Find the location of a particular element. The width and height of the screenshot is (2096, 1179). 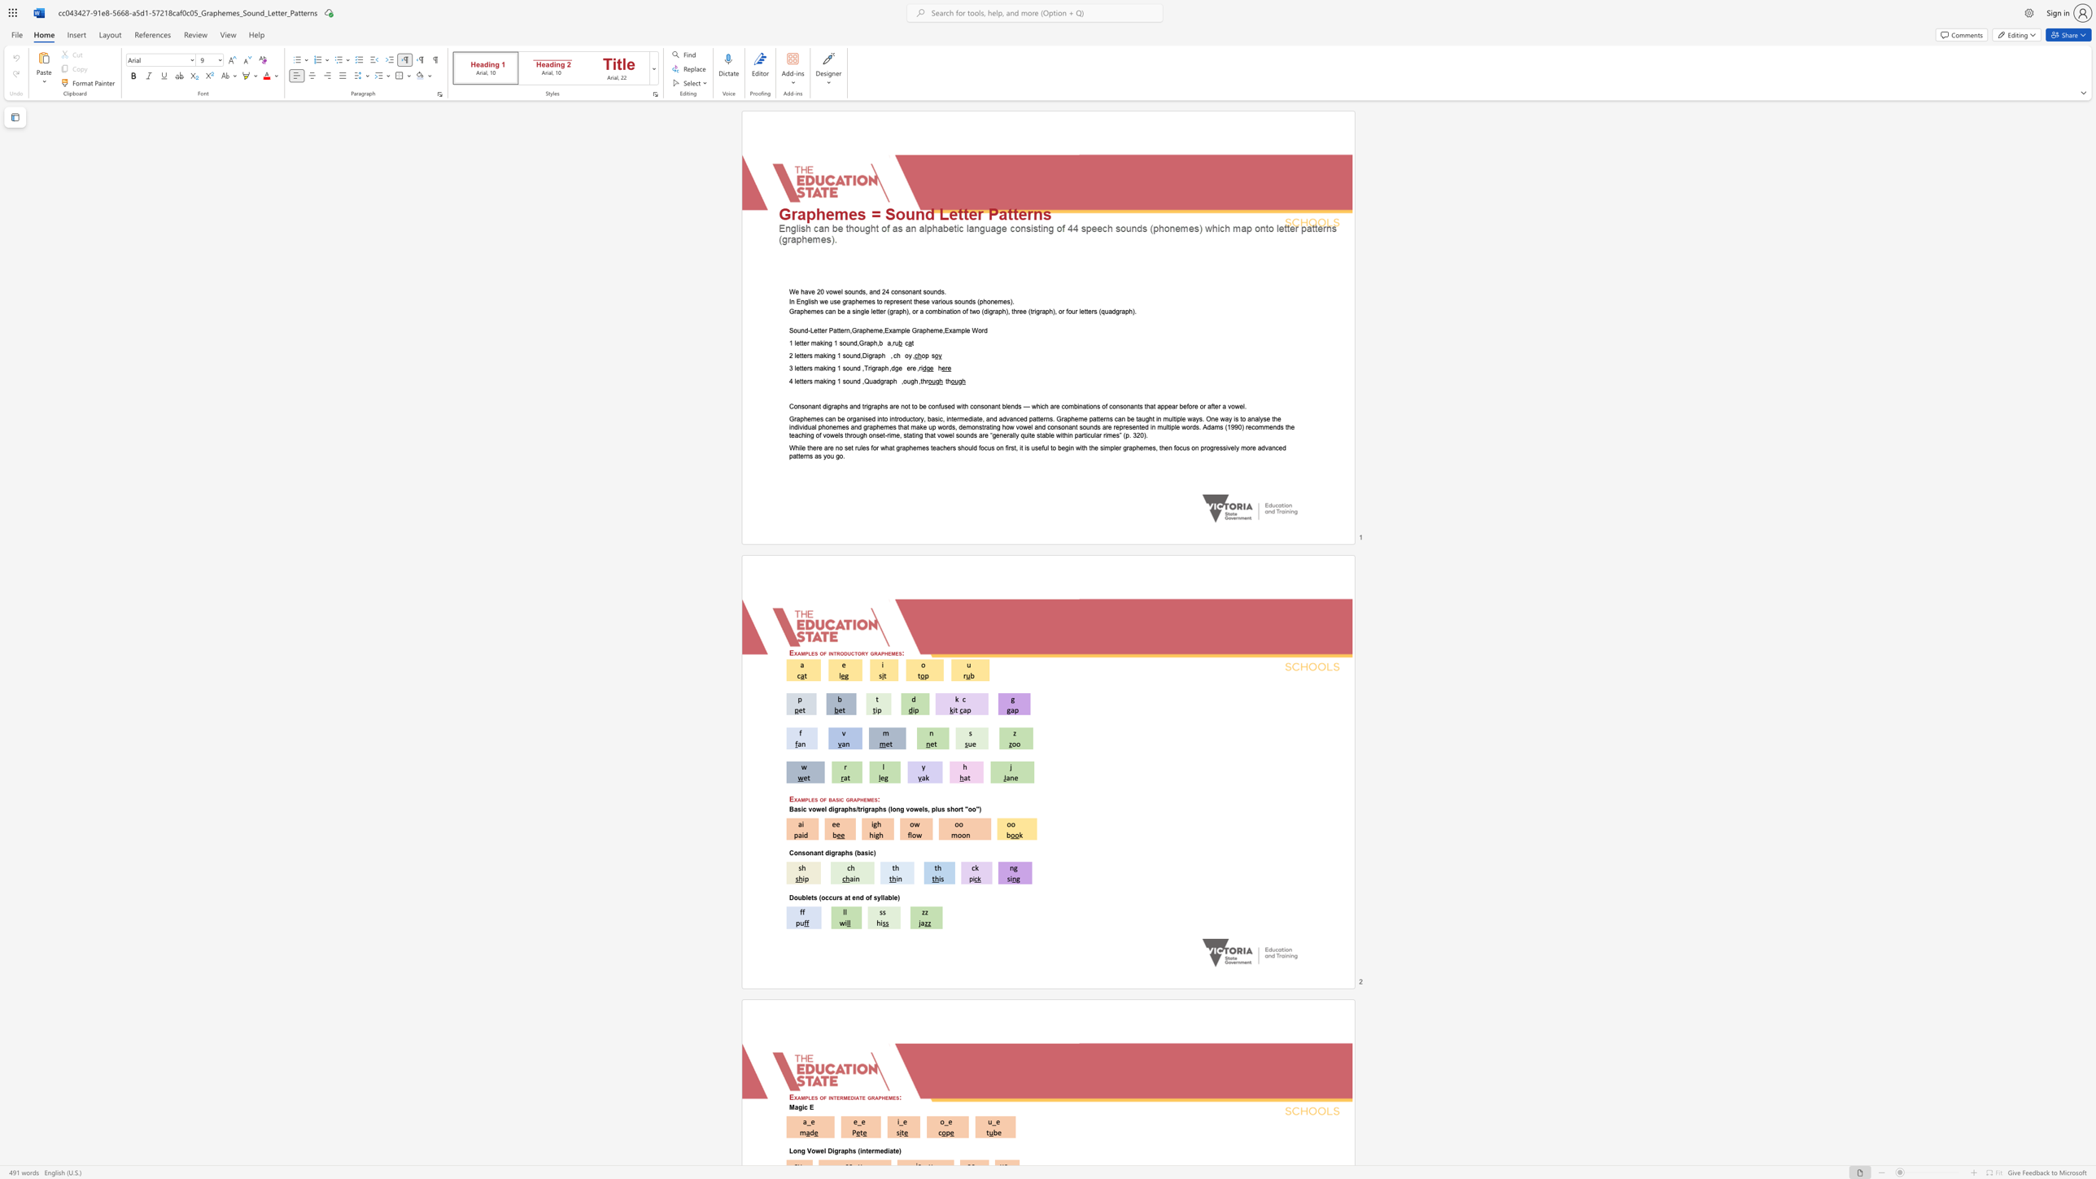

the subset text ", basic, intermediate, and advanced patterns. Grapheme patterns can be taught in multiple ways. One way is to analyse the individual phonemes and graphemes that make up words, demonstrating how vowel and consonant sounds are represented in multiple words. Adams (1990) reco" within the text "Graphemes can be organised into introductory, basic, intermediate, and advanced patterns. Grapheme patterns can be taught in multiple ways. One way is to analyse the individual phonemes and graphemes that make up words, demonstrating how vowel and consonant sounds are represented in multiple words. Adams (1990) recommends the teaching of vowels through onset-rime, stating that vowel sounds are “generally quite stable within particular rimes” (p. 320)." is located at coordinates (923, 417).